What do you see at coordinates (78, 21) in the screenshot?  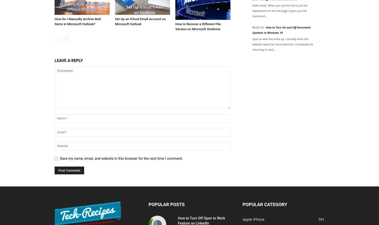 I see `'How Do I Manually Archive Mail Items in Microsoft Outlook?'` at bounding box center [78, 21].